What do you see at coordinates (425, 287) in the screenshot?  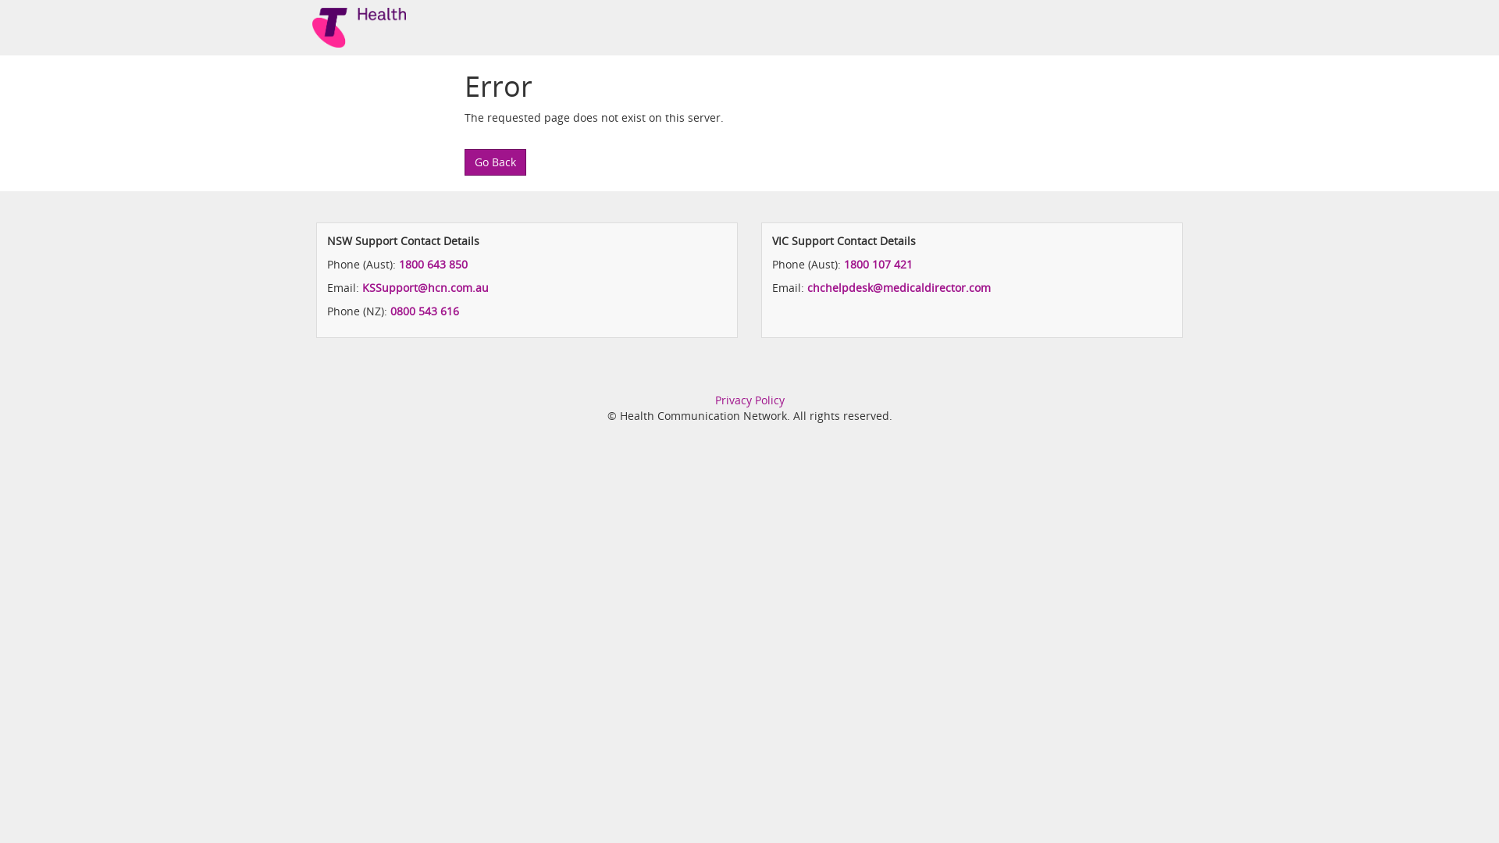 I see `'KSSupport@hcn.com.au'` at bounding box center [425, 287].